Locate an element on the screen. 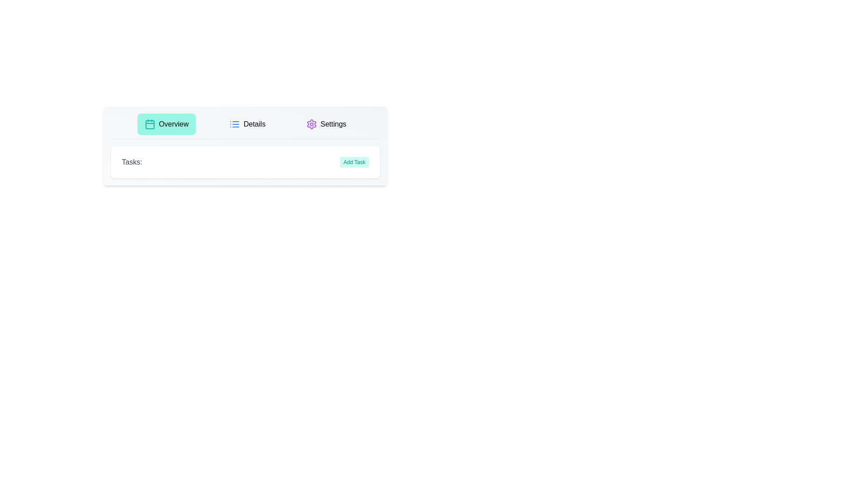 The width and height of the screenshot is (860, 483). the Details Button to observe its hover effect is located at coordinates (247, 124).